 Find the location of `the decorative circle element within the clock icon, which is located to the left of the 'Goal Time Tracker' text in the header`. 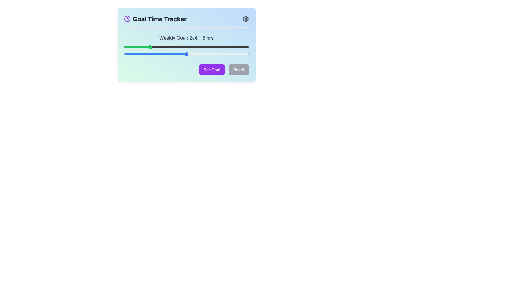

the decorative circle element within the clock icon, which is located to the left of the 'Goal Time Tracker' text in the header is located at coordinates (127, 18).